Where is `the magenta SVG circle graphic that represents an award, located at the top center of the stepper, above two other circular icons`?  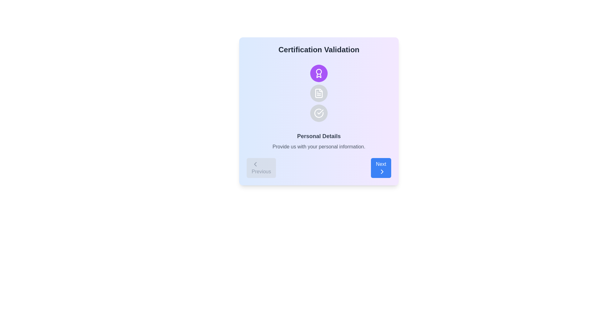 the magenta SVG circle graphic that represents an award, located at the top center of the stepper, above two other circular icons is located at coordinates (319, 71).